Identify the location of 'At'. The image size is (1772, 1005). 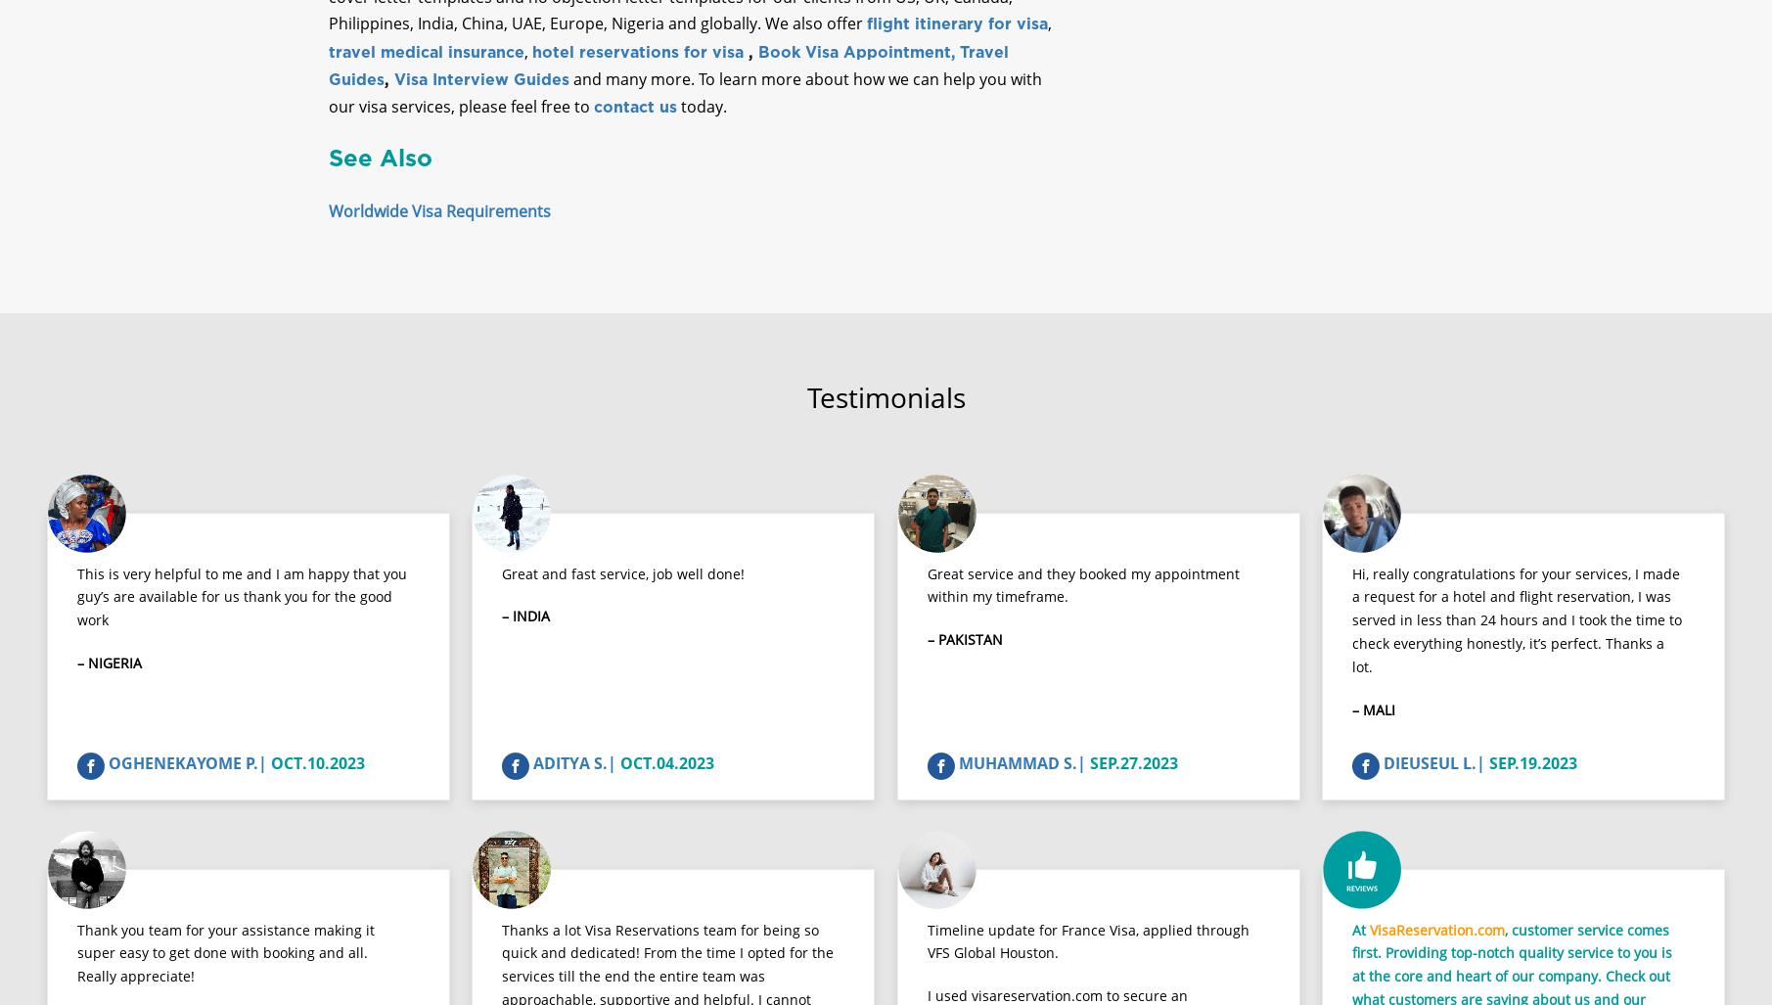
(1350, 945).